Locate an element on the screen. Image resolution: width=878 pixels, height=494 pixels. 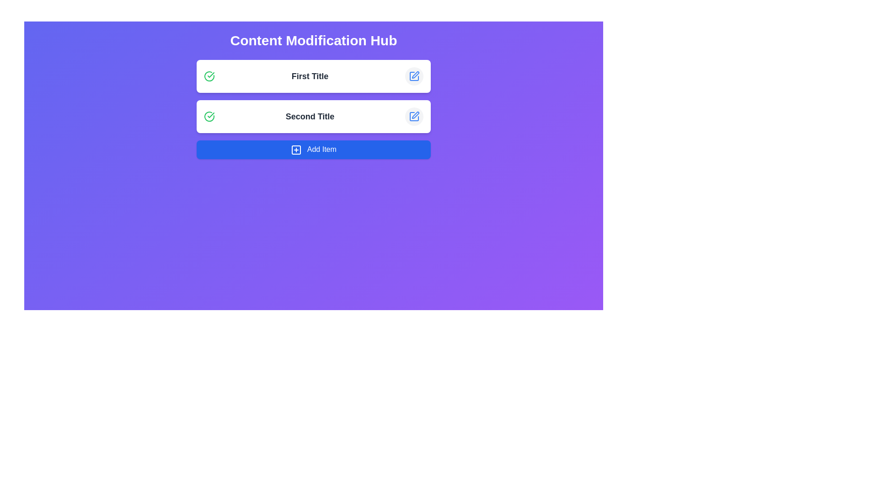
the first sub-element of the SVG icon representing the edit action is located at coordinates (414, 75).